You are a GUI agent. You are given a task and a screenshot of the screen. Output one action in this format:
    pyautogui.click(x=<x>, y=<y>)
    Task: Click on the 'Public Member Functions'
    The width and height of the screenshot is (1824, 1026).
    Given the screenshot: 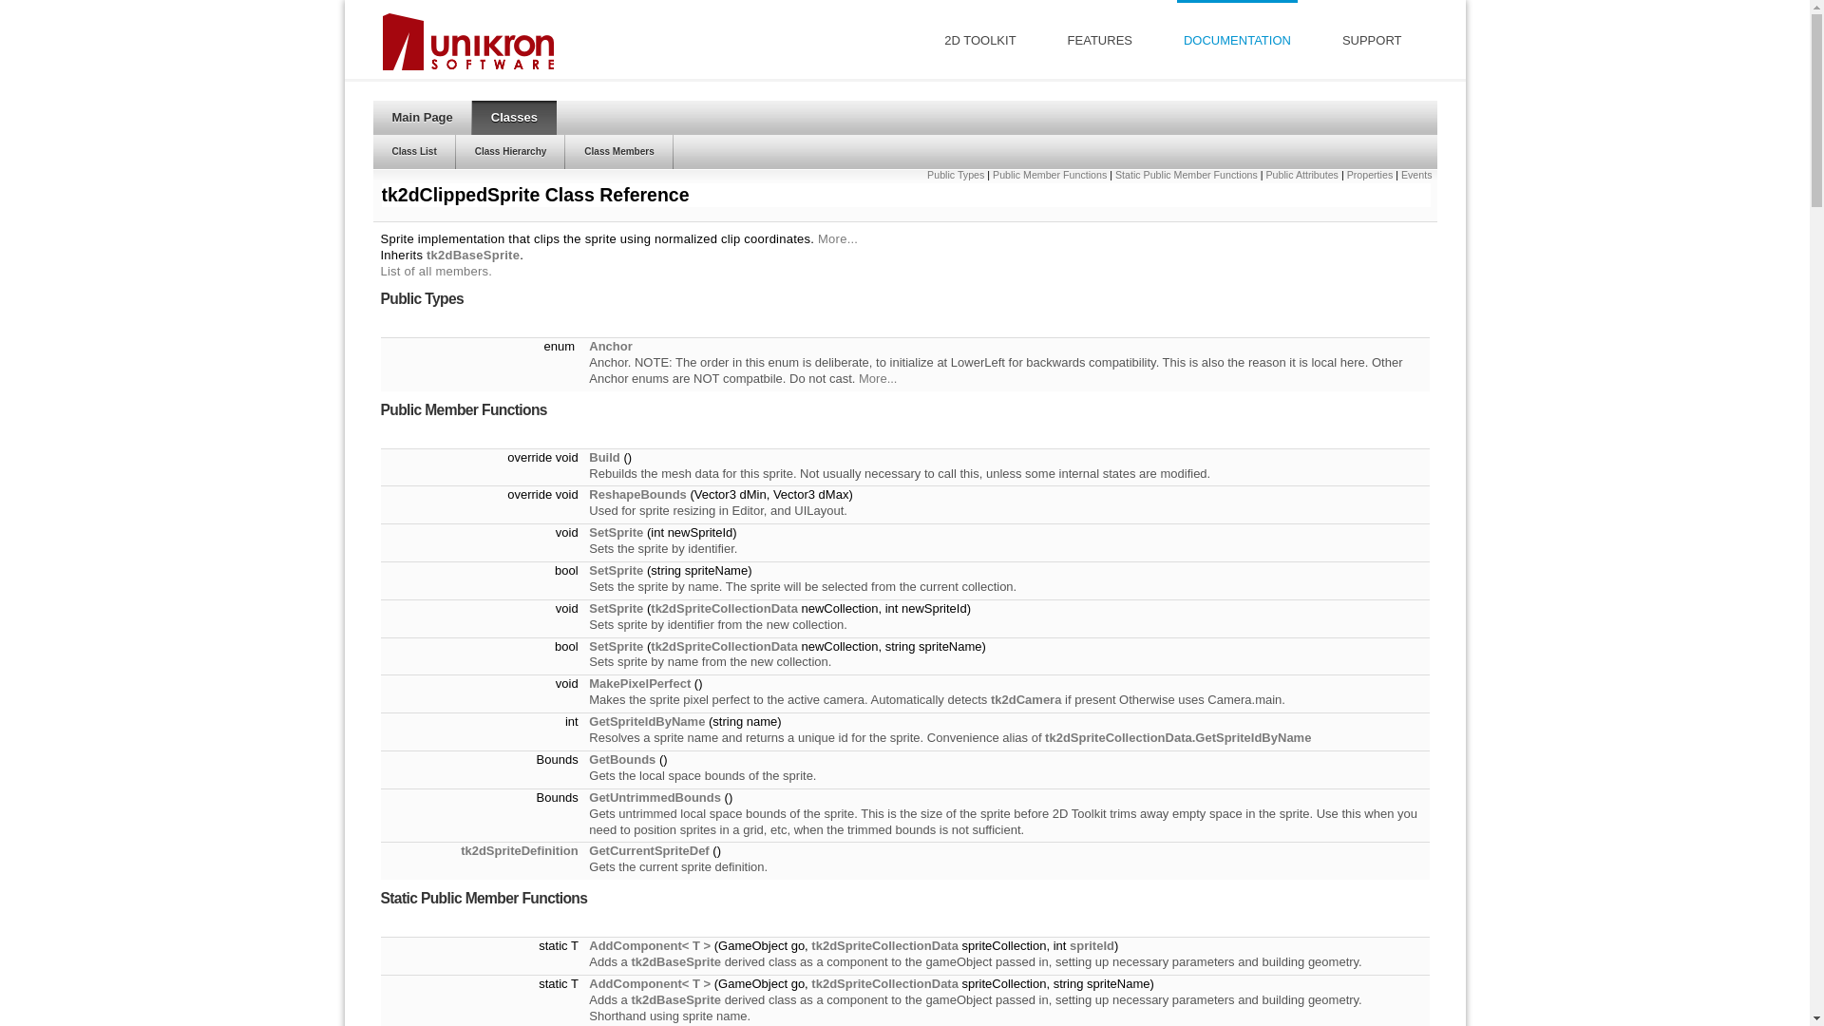 What is the action you would take?
    pyautogui.click(x=1048, y=175)
    